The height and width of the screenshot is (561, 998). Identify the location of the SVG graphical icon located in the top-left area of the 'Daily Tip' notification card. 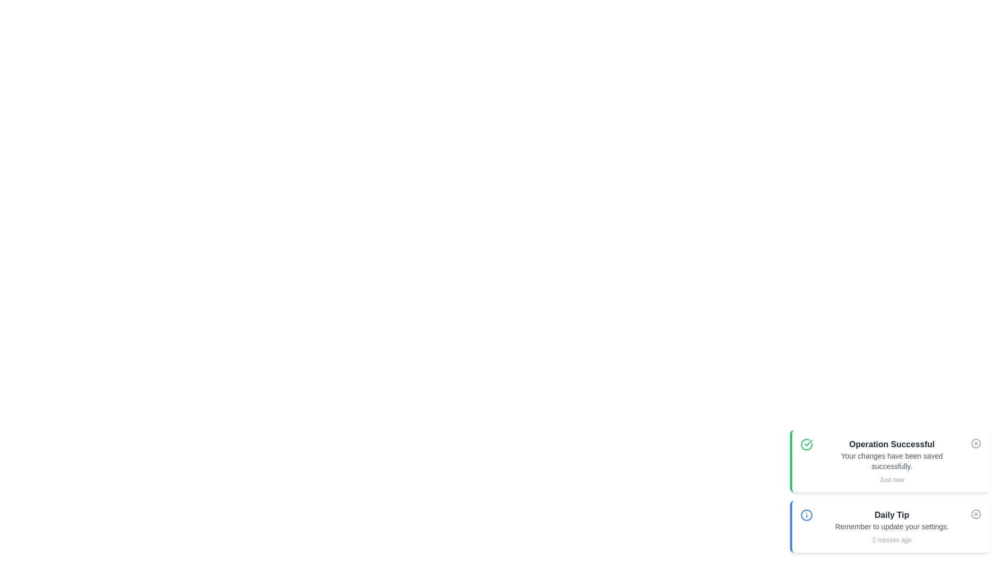
(806, 515).